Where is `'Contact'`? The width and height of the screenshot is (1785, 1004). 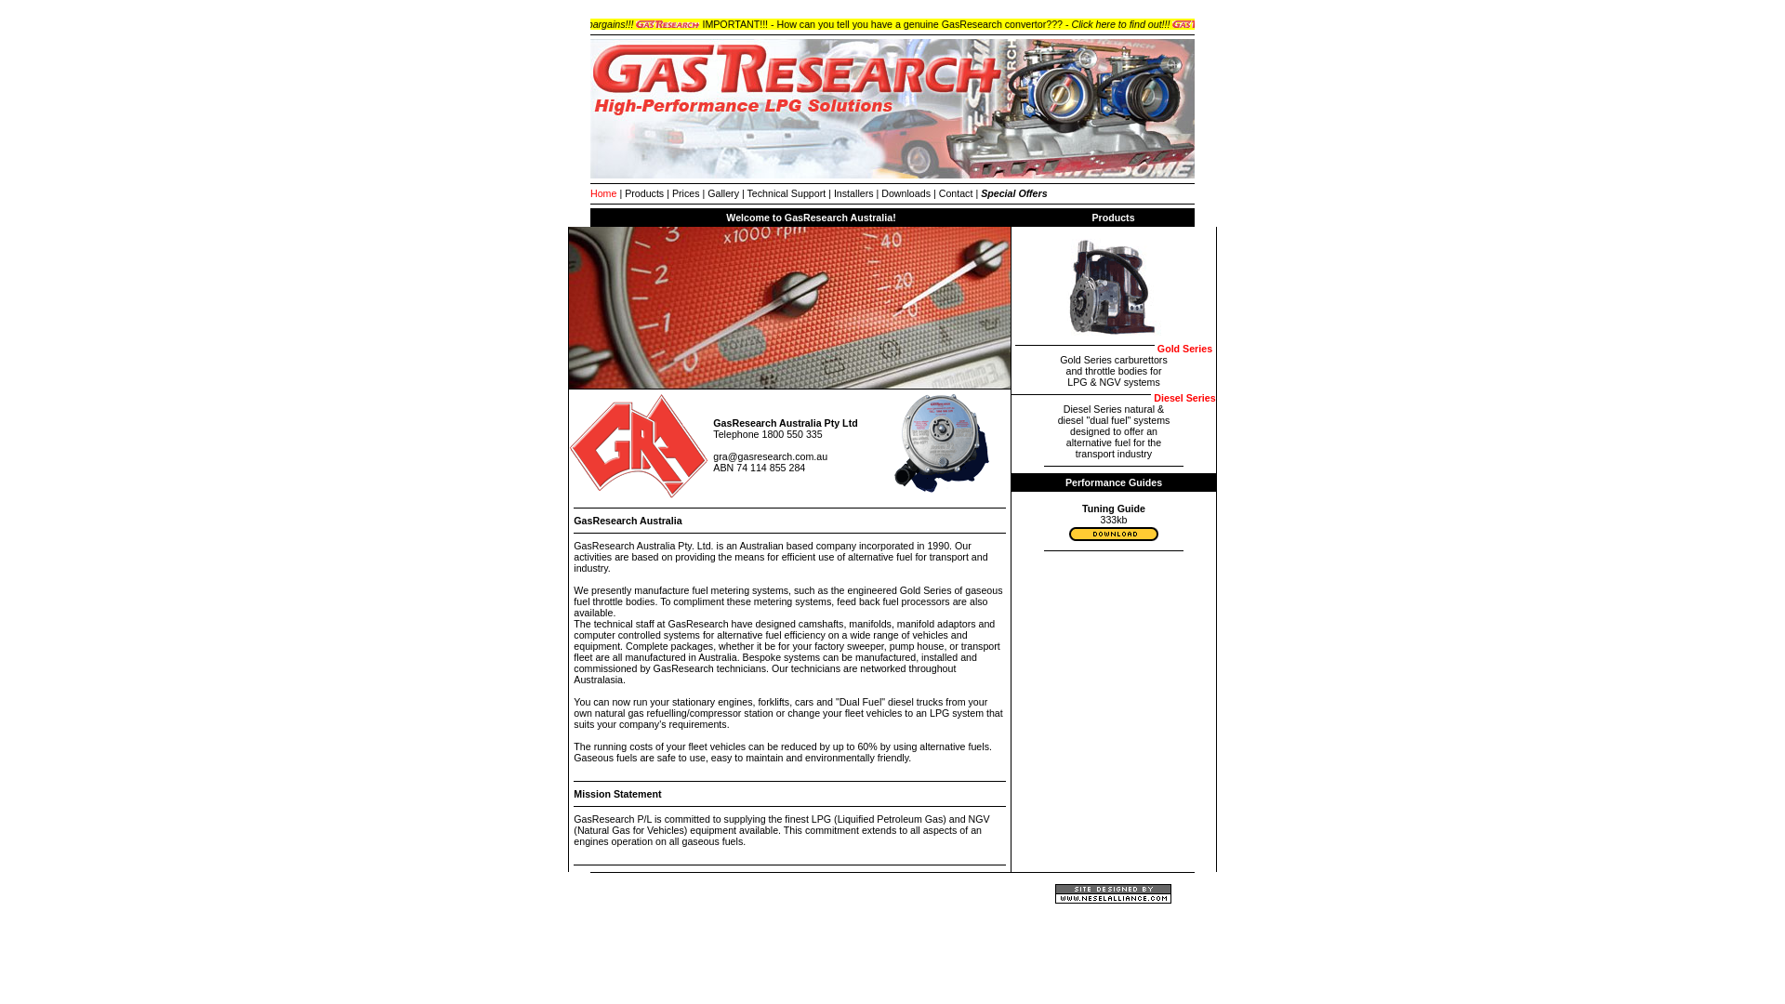
'Contact' is located at coordinates (956, 193).